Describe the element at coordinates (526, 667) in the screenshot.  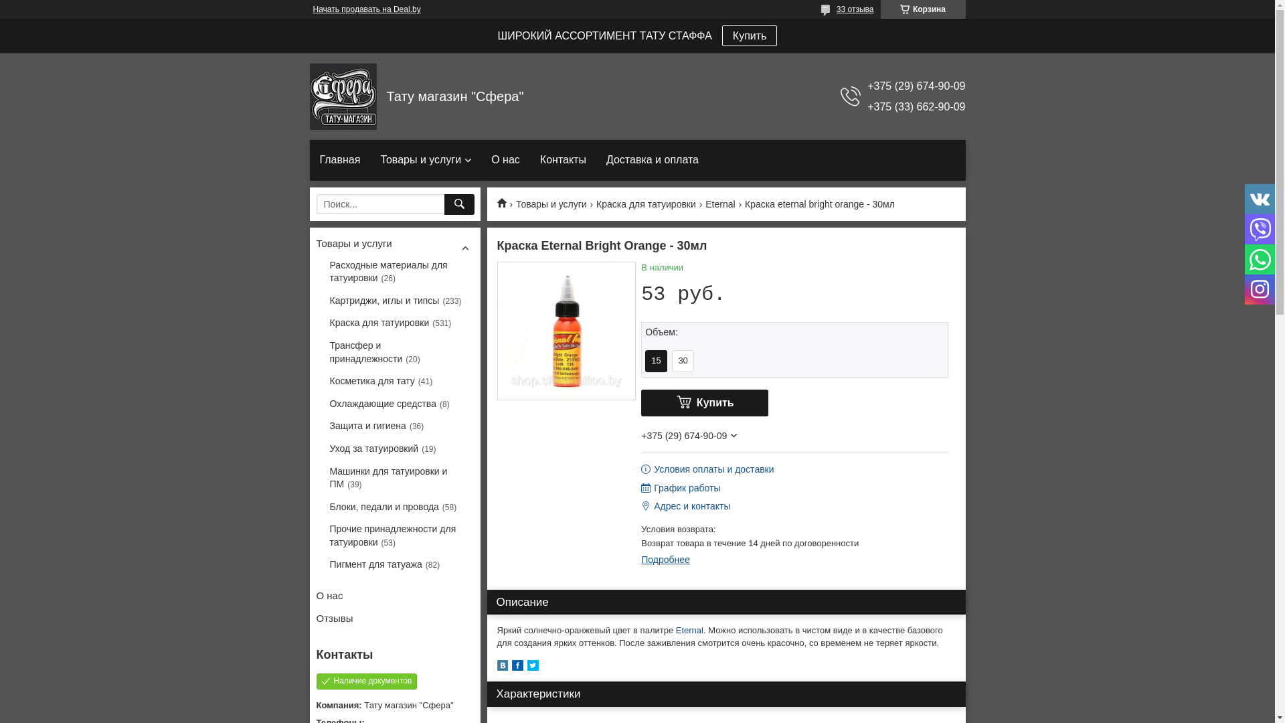
I see `'twitter'` at that location.